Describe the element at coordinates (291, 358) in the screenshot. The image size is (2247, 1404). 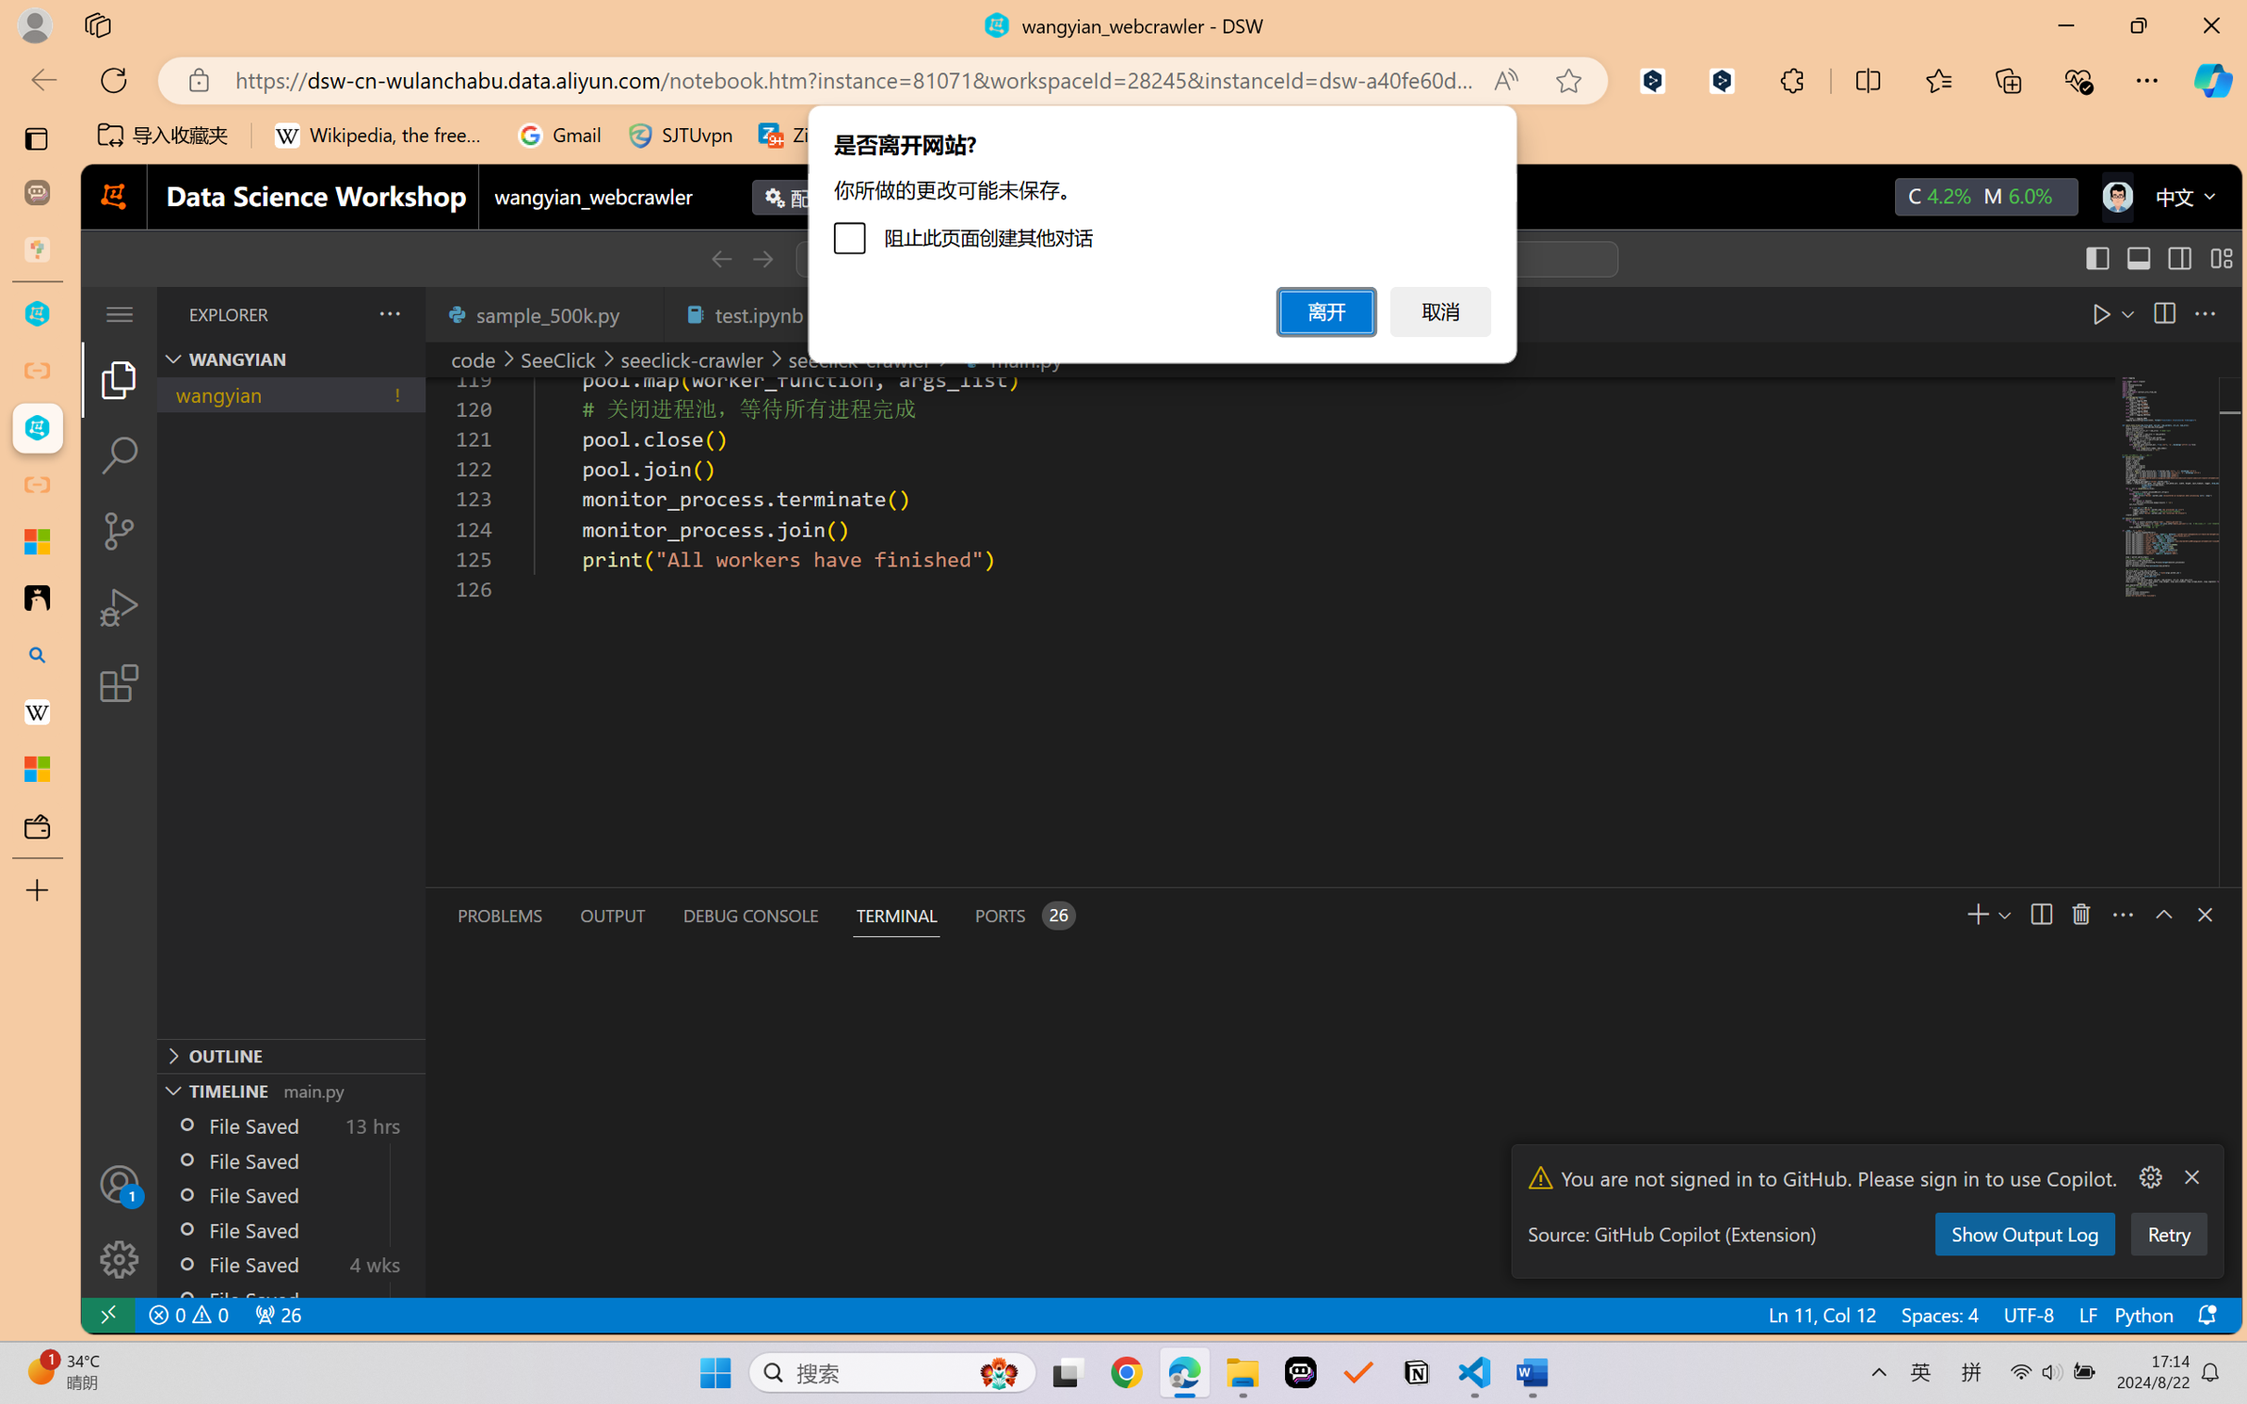
I see `'Explorer Section: wangyian'` at that location.